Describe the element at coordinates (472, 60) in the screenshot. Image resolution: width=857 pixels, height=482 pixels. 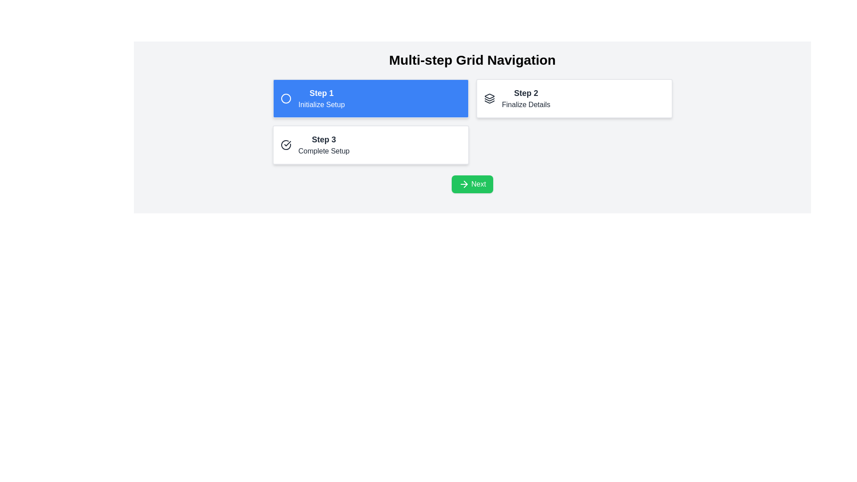
I see `the prominently displayed text label that reads 'Multi-step Grid Navigation', which is styled in a large, bold, sans-serif font and located near the top center of the interface` at that location.